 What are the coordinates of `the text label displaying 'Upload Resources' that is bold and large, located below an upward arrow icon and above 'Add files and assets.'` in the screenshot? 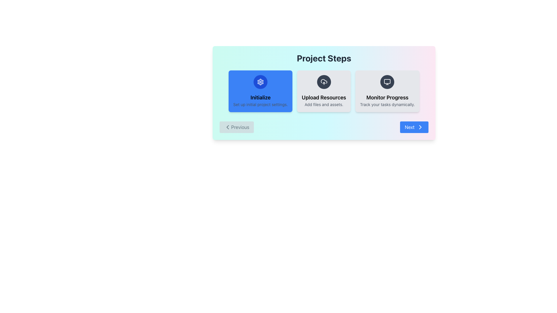 It's located at (323, 97).